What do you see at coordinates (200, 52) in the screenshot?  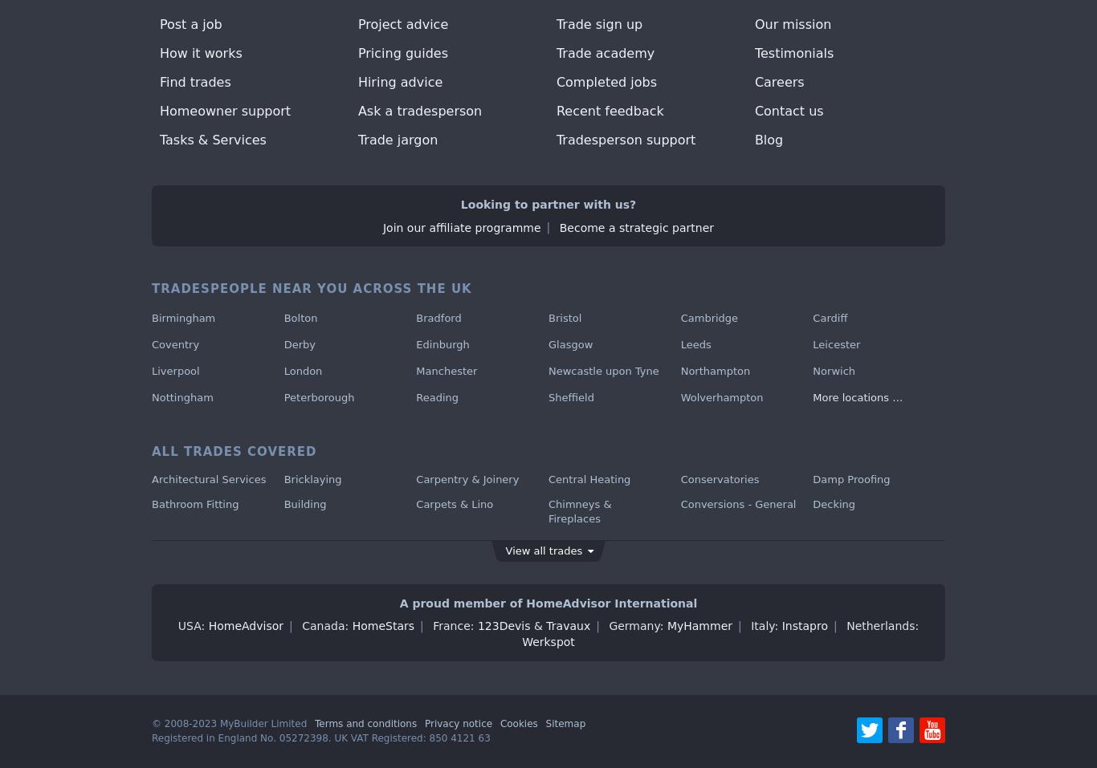 I see `'How it works'` at bounding box center [200, 52].